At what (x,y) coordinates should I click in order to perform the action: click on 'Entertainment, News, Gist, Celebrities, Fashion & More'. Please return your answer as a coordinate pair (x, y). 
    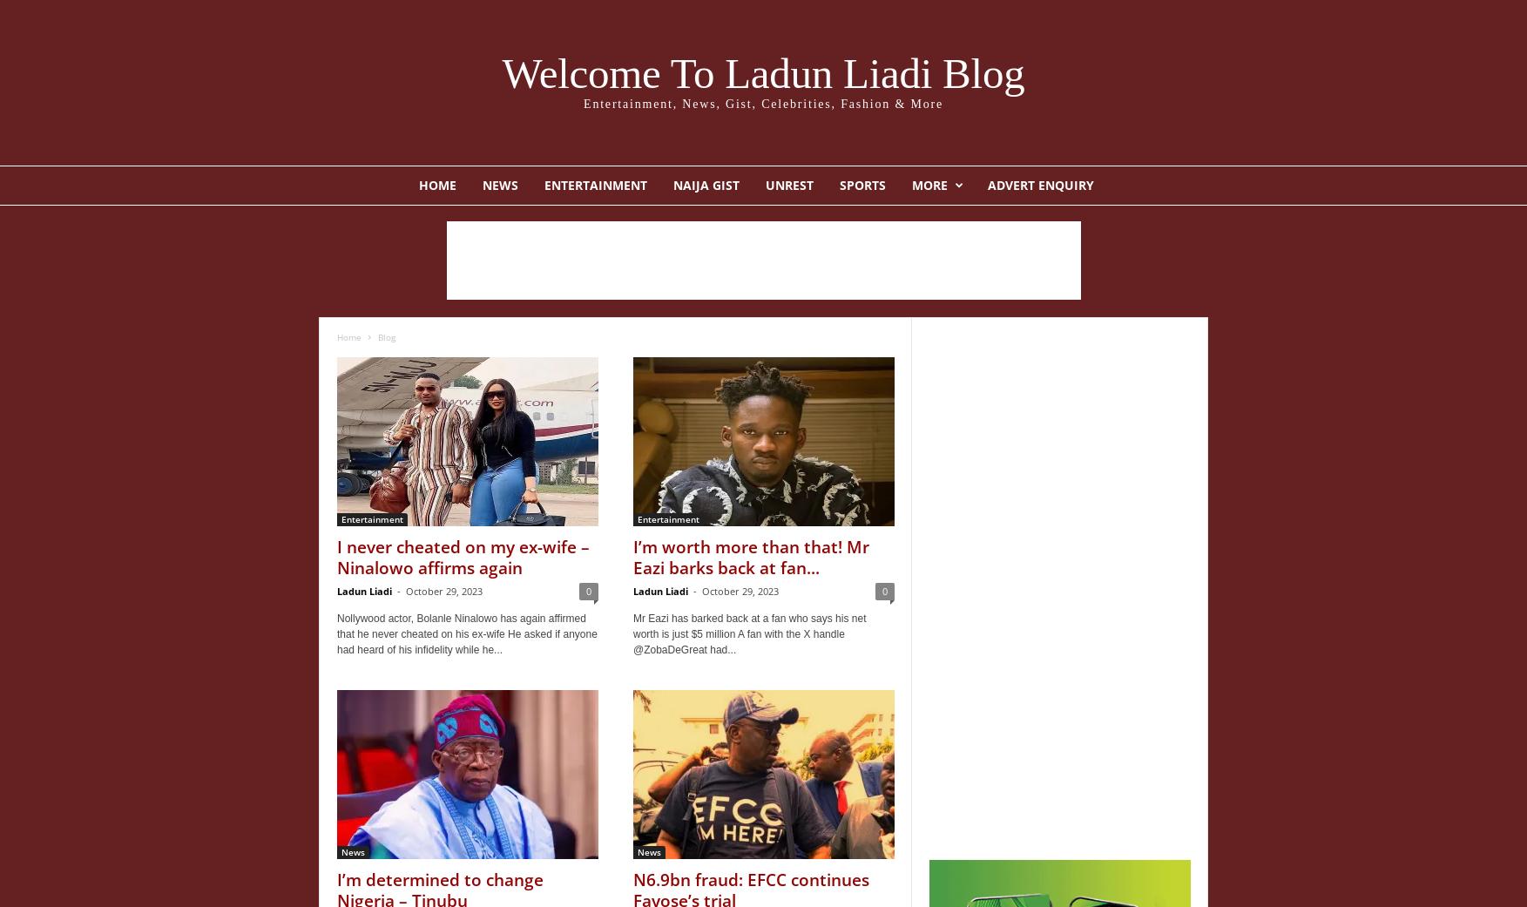
    Looking at the image, I should click on (762, 104).